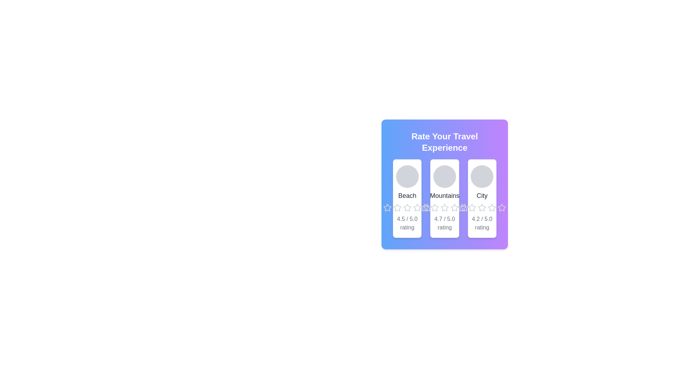 The image size is (682, 383). Describe the element at coordinates (455, 207) in the screenshot. I see `the fourth star icon in the rating system beneath the 'Mountains' category card` at that location.